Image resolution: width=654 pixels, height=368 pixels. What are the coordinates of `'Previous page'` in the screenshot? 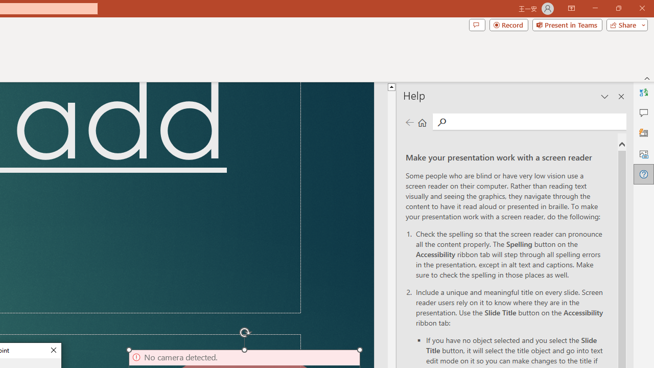 It's located at (409, 122).